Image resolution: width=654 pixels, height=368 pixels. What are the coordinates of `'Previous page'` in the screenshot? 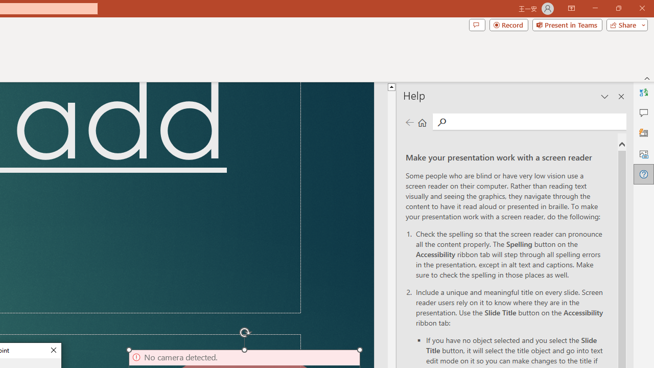 It's located at (409, 122).